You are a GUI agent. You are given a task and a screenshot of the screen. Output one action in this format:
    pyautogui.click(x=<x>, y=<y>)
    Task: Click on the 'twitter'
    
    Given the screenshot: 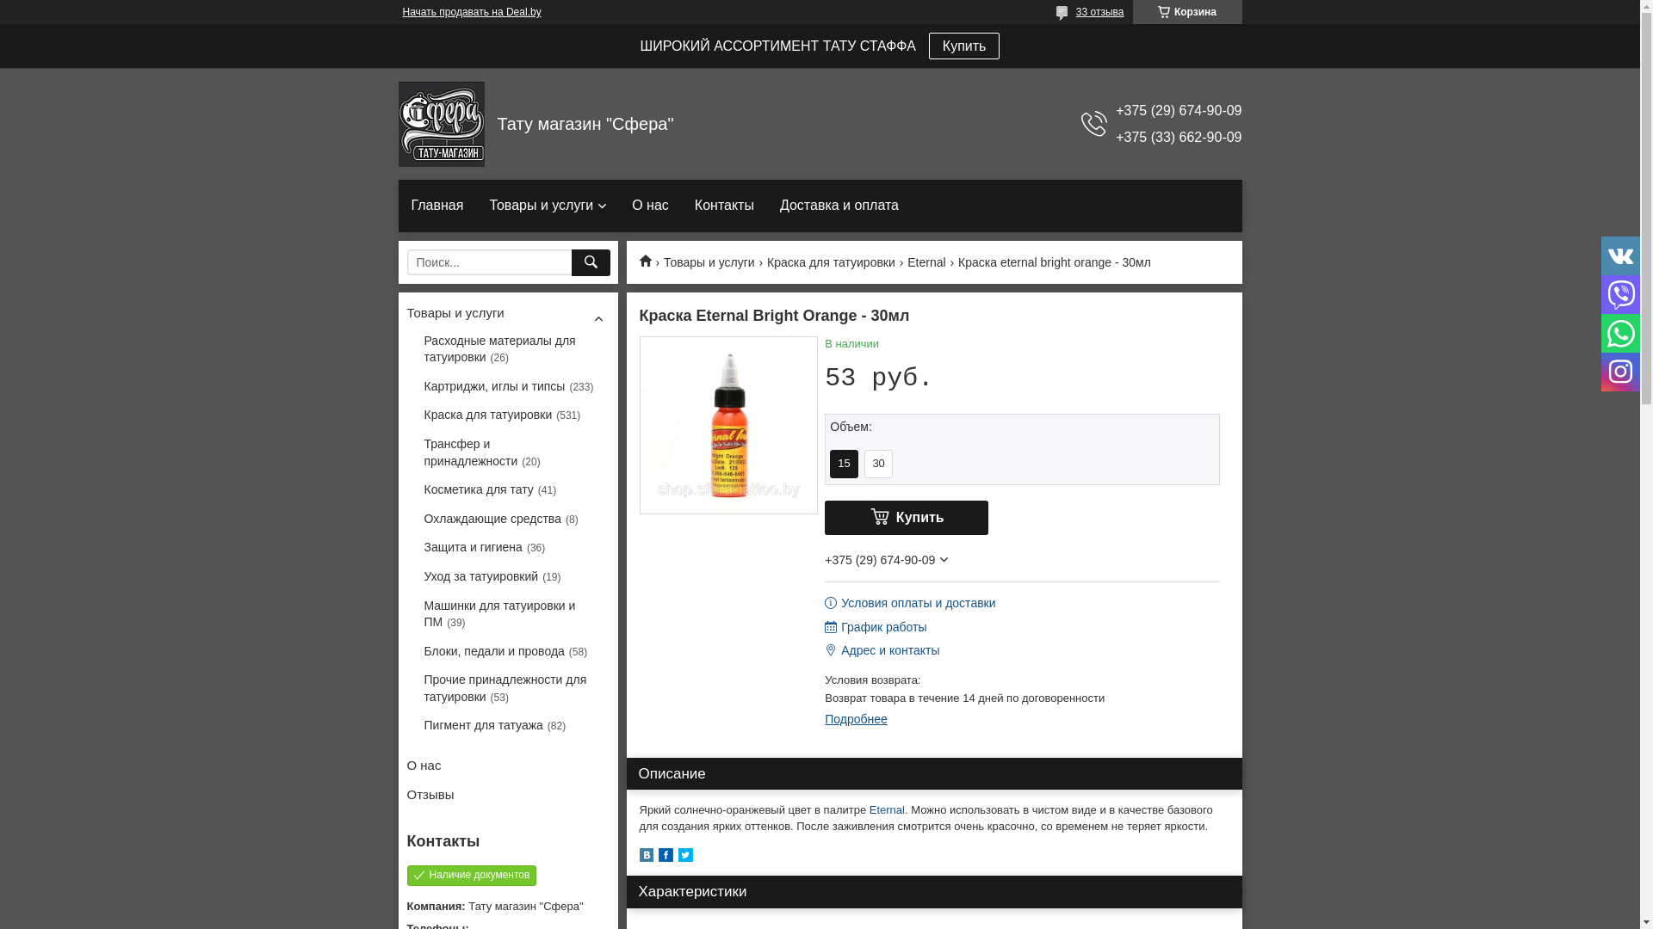 What is the action you would take?
    pyautogui.click(x=684, y=858)
    